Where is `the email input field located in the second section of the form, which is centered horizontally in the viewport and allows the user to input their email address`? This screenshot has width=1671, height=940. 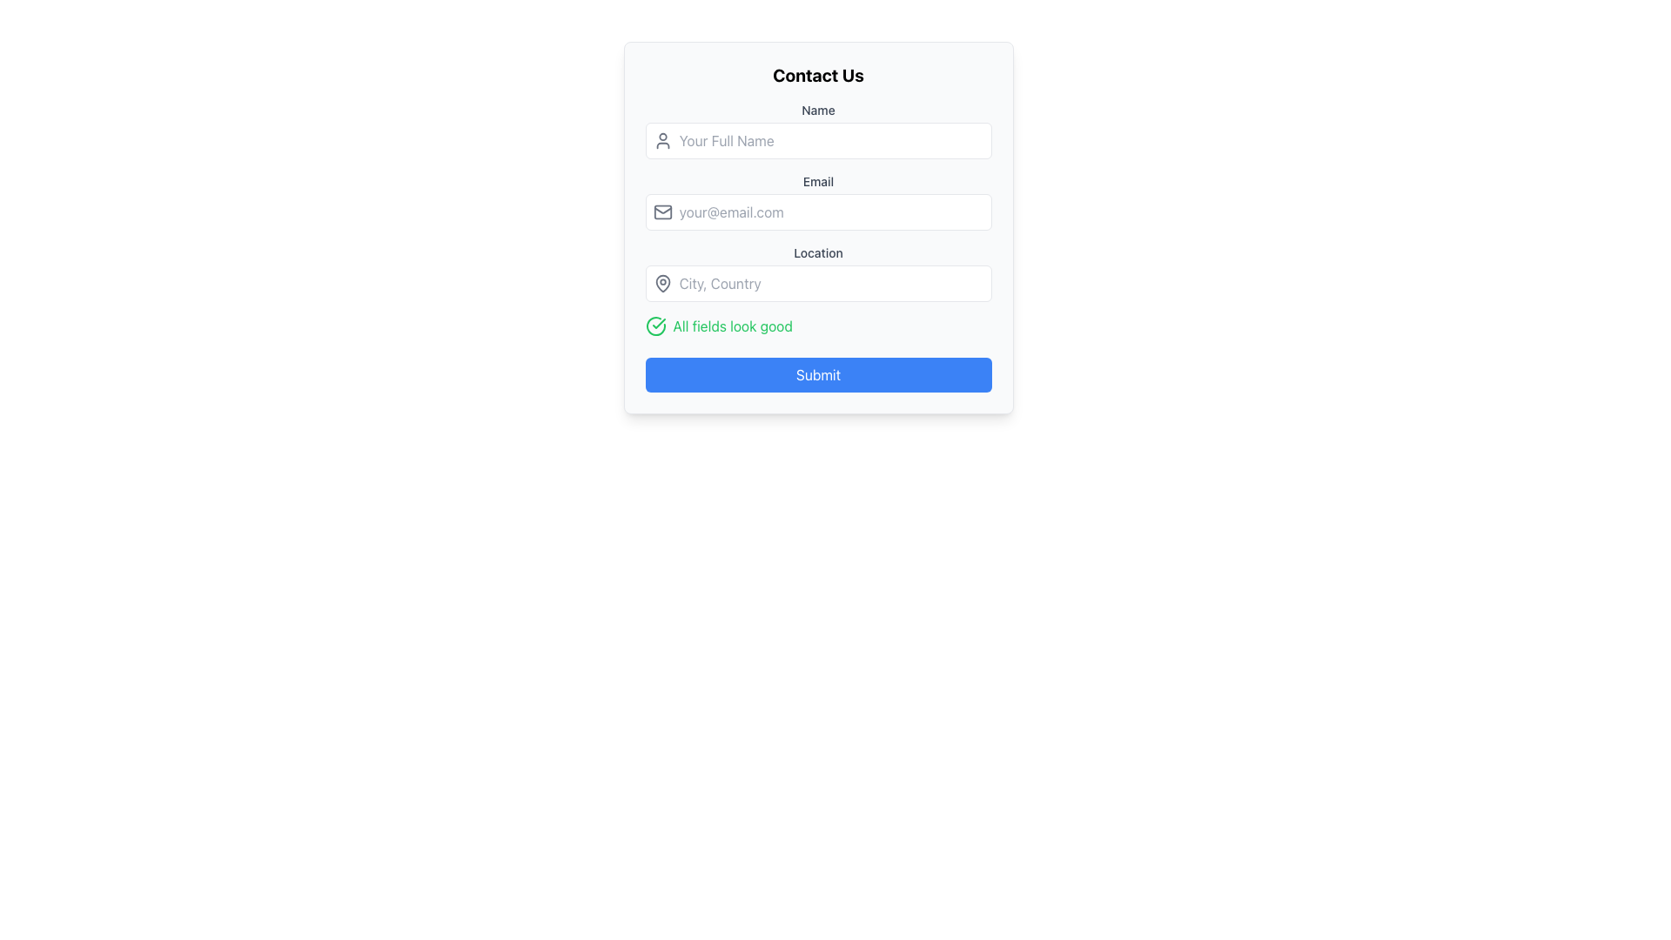 the email input field located in the second section of the form, which is centered horizontally in the viewport and allows the user to input their email address is located at coordinates (817, 200).